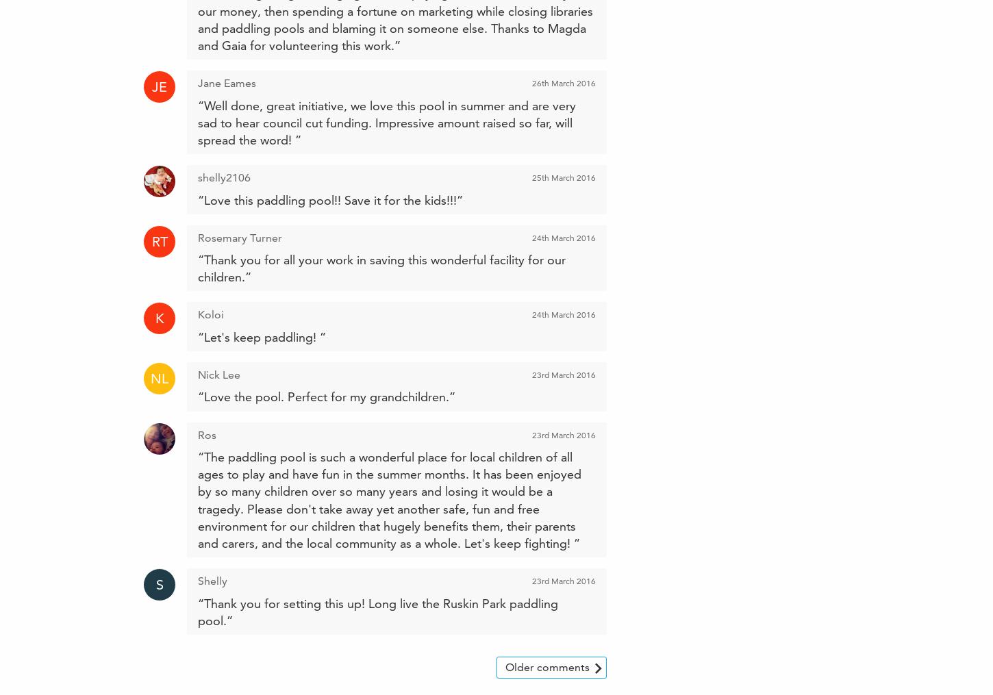 The image size is (993, 695). Describe the element at coordinates (158, 585) in the screenshot. I see `'S'` at that location.